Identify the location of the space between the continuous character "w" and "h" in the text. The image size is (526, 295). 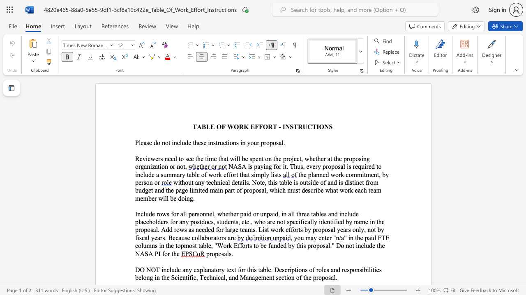
(309, 159).